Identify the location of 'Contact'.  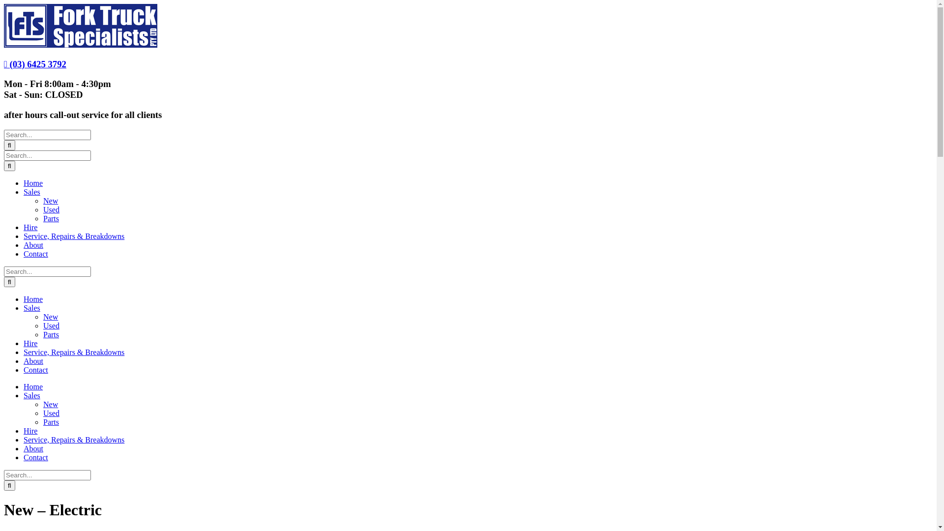
(35, 457).